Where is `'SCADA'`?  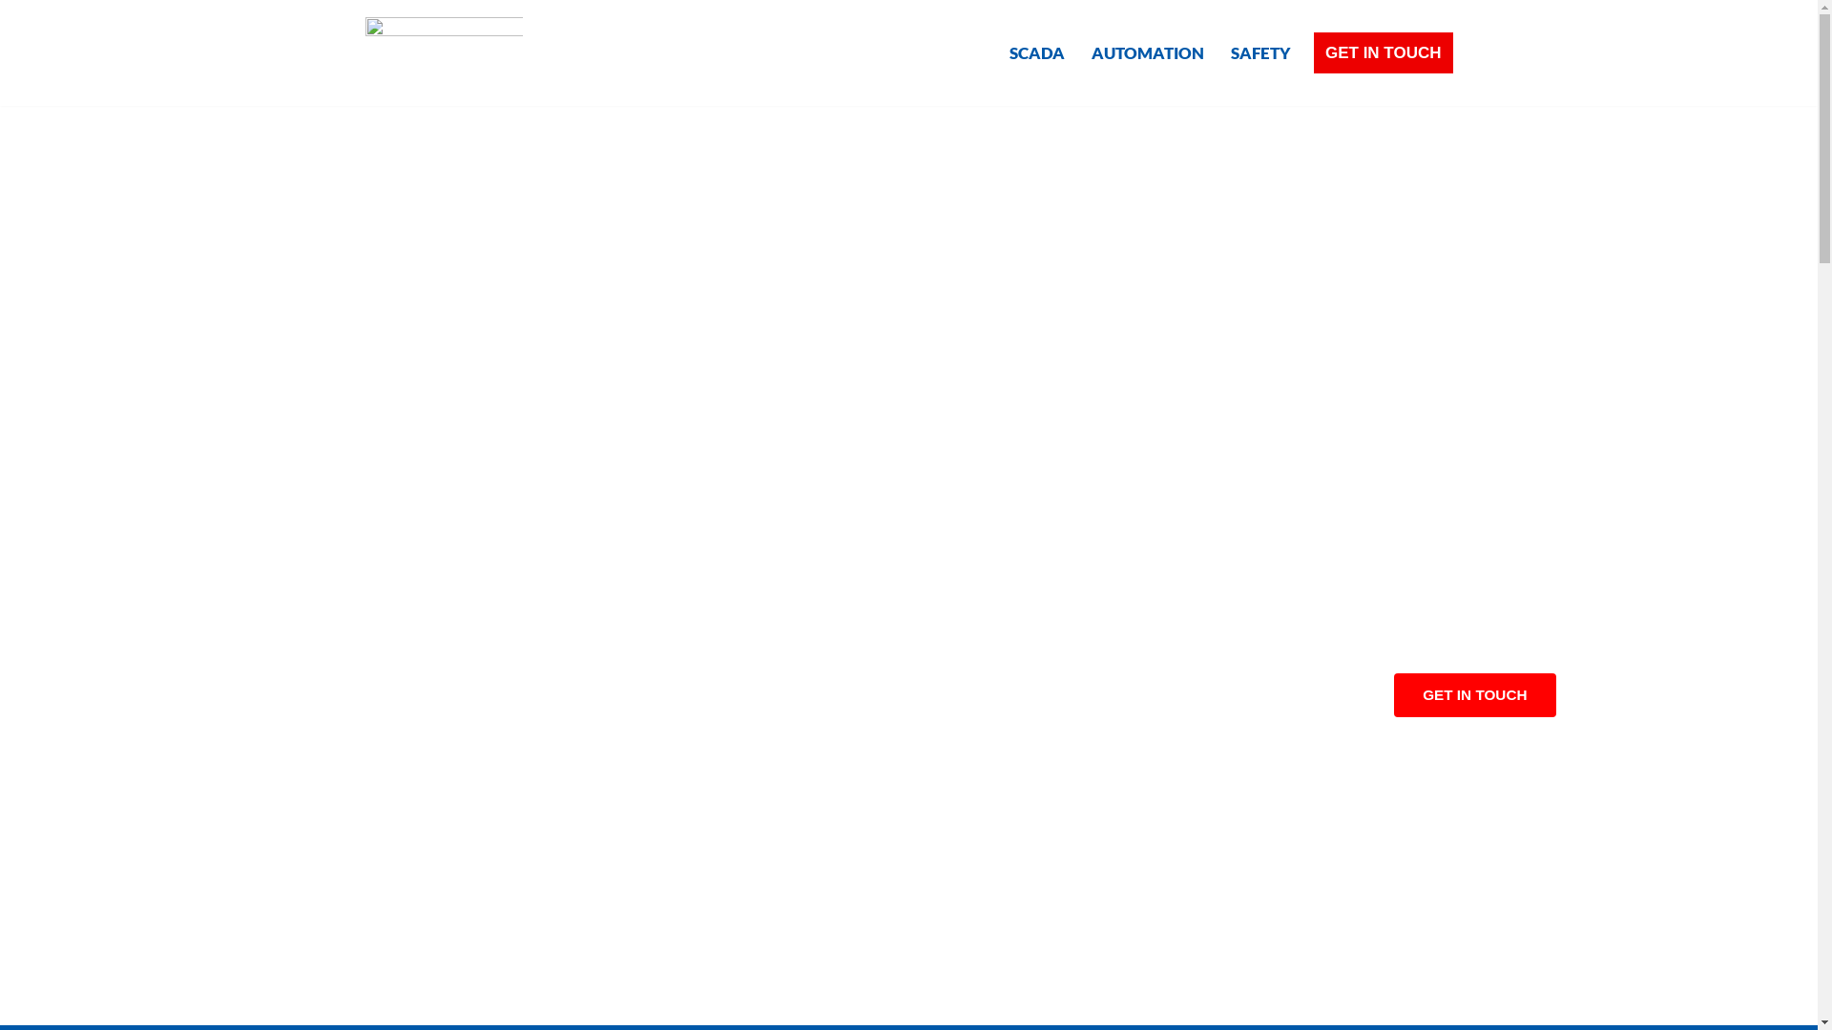 'SCADA' is located at coordinates (1035, 51).